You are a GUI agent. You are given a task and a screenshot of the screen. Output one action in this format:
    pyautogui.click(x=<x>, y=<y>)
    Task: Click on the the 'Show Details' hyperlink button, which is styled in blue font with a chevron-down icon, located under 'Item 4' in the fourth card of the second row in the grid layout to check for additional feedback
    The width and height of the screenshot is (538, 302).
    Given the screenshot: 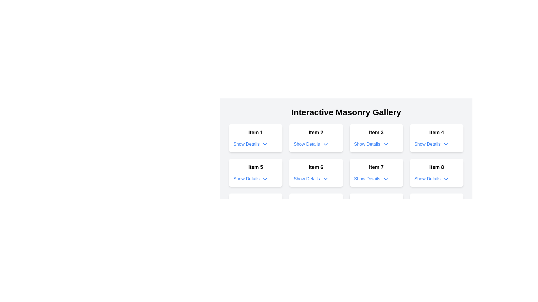 What is the action you would take?
    pyautogui.click(x=432, y=144)
    